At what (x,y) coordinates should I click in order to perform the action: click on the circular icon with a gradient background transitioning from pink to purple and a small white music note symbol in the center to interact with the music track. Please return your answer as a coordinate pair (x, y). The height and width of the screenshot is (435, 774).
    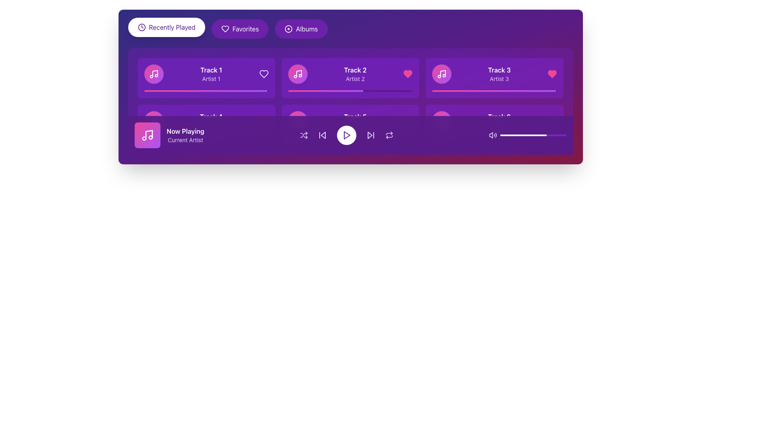
    Looking at the image, I should click on (154, 74).